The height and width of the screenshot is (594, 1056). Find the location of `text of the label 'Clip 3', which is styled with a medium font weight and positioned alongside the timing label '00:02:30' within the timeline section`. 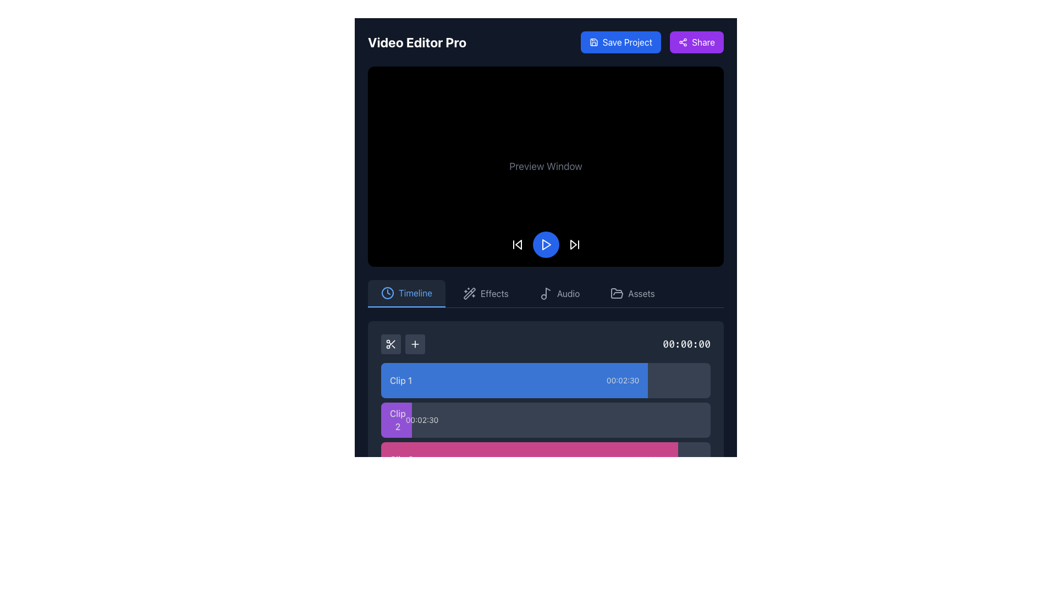

text of the label 'Clip 3', which is styled with a medium font weight and positioned alongside the timing label '00:02:30' within the timeline section is located at coordinates (401, 459).